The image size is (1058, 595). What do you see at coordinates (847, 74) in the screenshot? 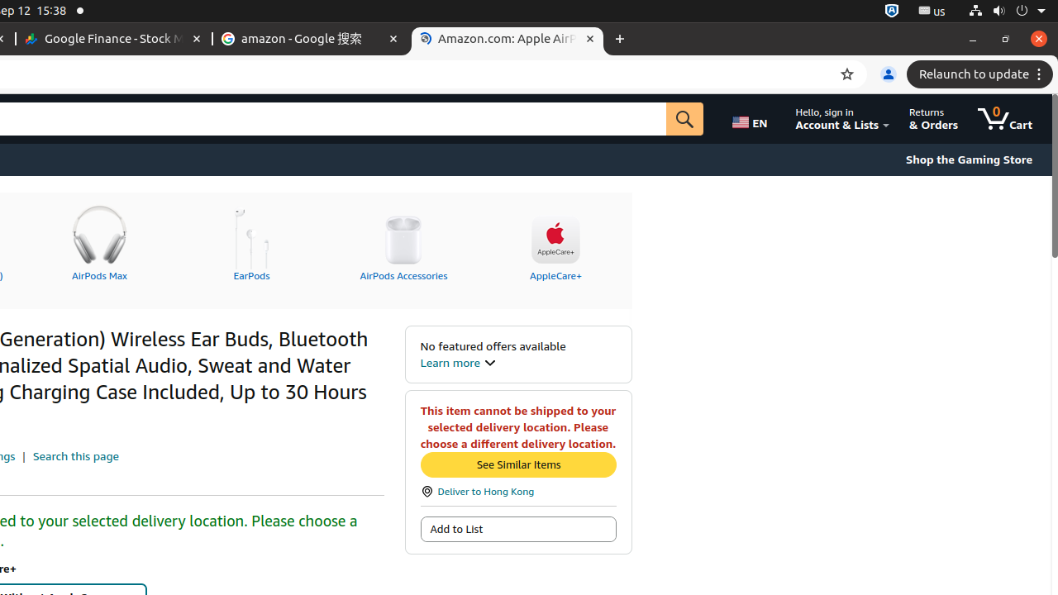
I see `'Bookmark this tab'` at bounding box center [847, 74].